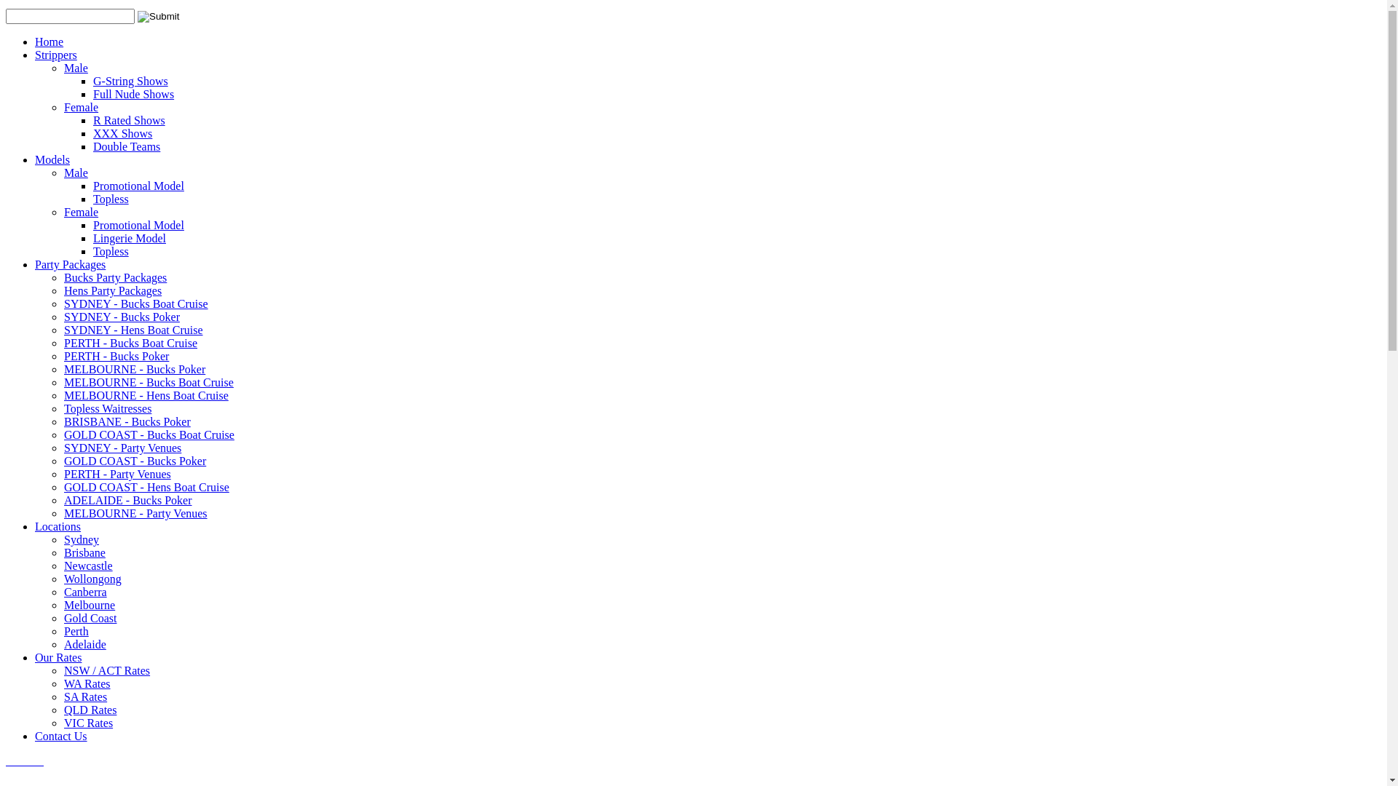 This screenshot has width=1398, height=786. I want to click on 'WA Rates', so click(87, 683).